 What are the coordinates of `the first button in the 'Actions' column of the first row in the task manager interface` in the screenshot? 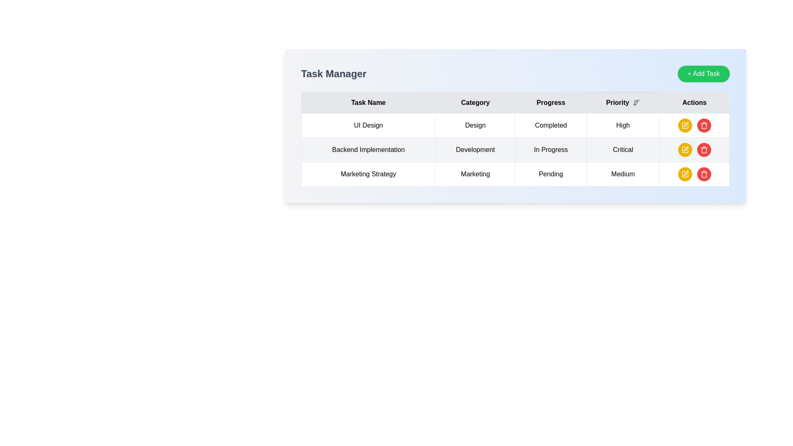 It's located at (685, 126).